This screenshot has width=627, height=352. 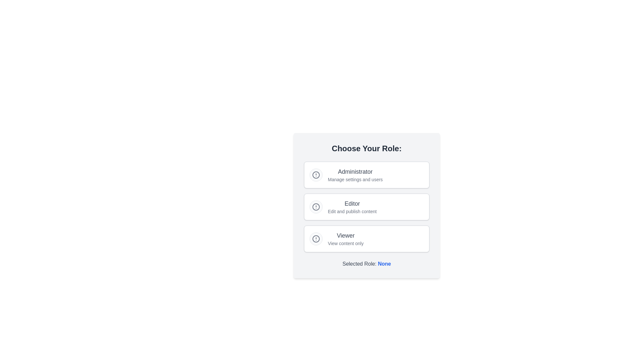 What do you see at coordinates (345, 235) in the screenshot?
I see `the 'Viewer' Text Label, which is a bold, gray-colored text displayed prominently within the 'Choose Your Role' selection list, positioned above the smaller text 'View content only'` at bounding box center [345, 235].